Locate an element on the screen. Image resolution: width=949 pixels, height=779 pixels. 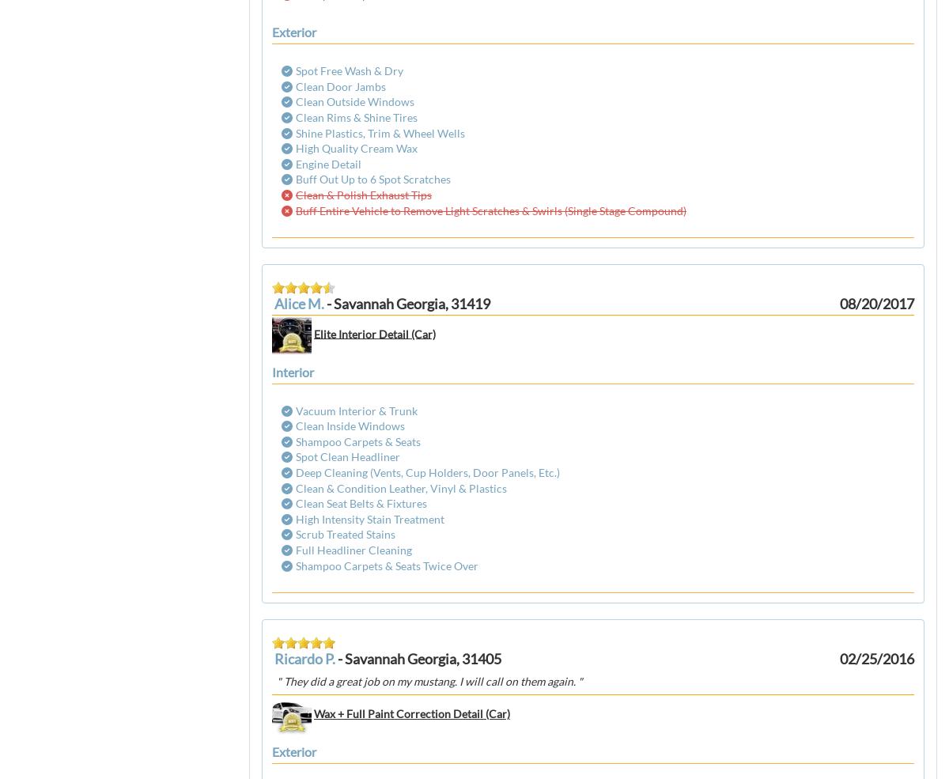
'Spot Free Wash & Dry' is located at coordinates (349, 70).